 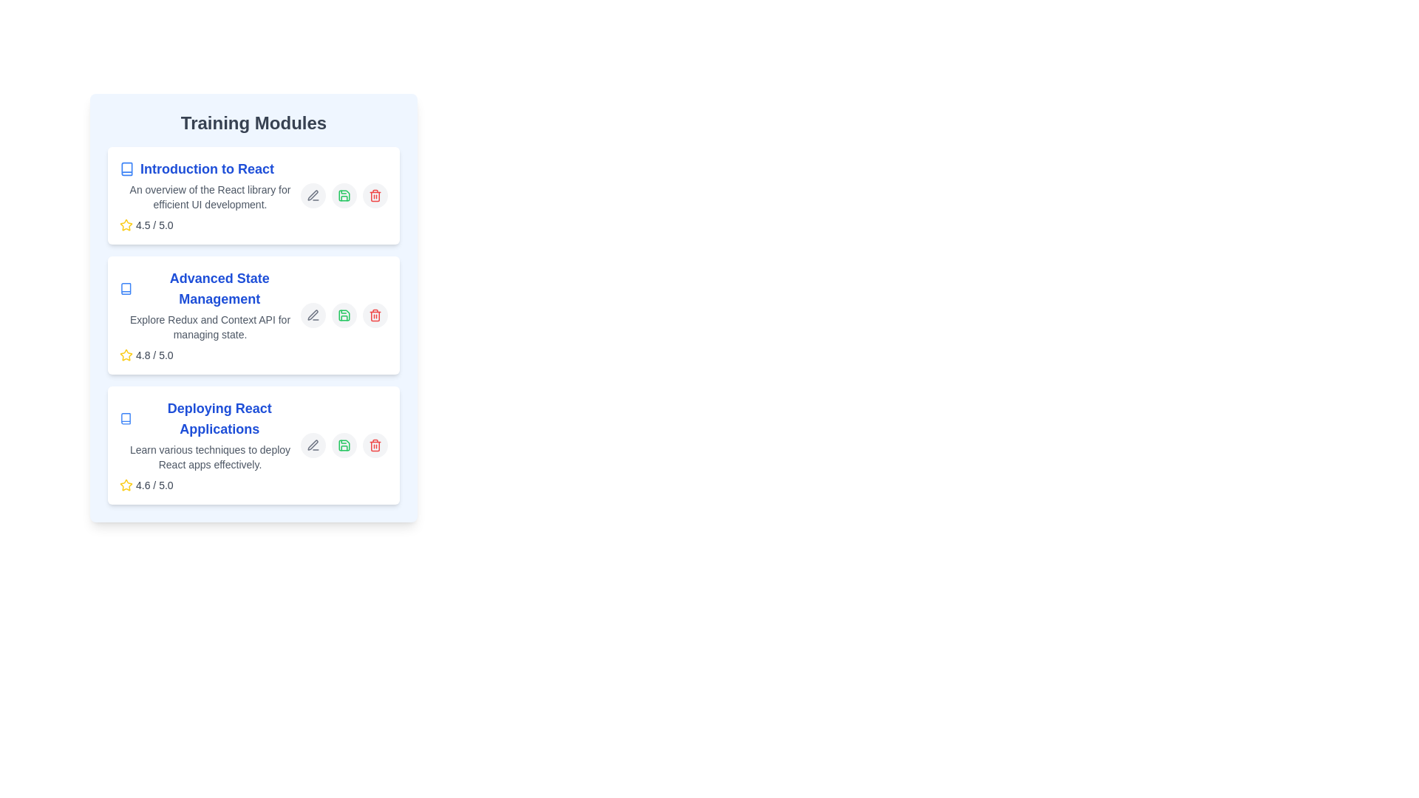 I want to click on the small blue book-shaped icon located to the immediate left of the text 'Deploying React Applications', so click(x=126, y=419).